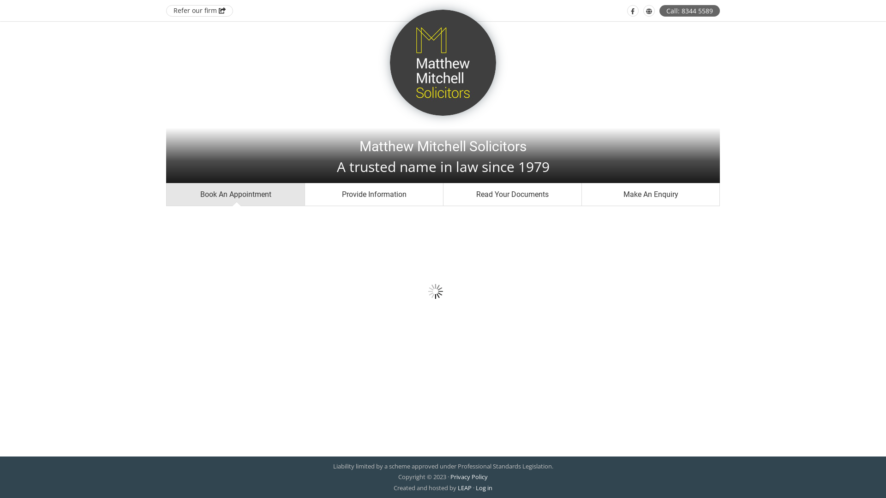 Image resolution: width=886 pixels, height=498 pixels. Describe the element at coordinates (689, 11) in the screenshot. I see `'Call: 8344 5589'` at that location.